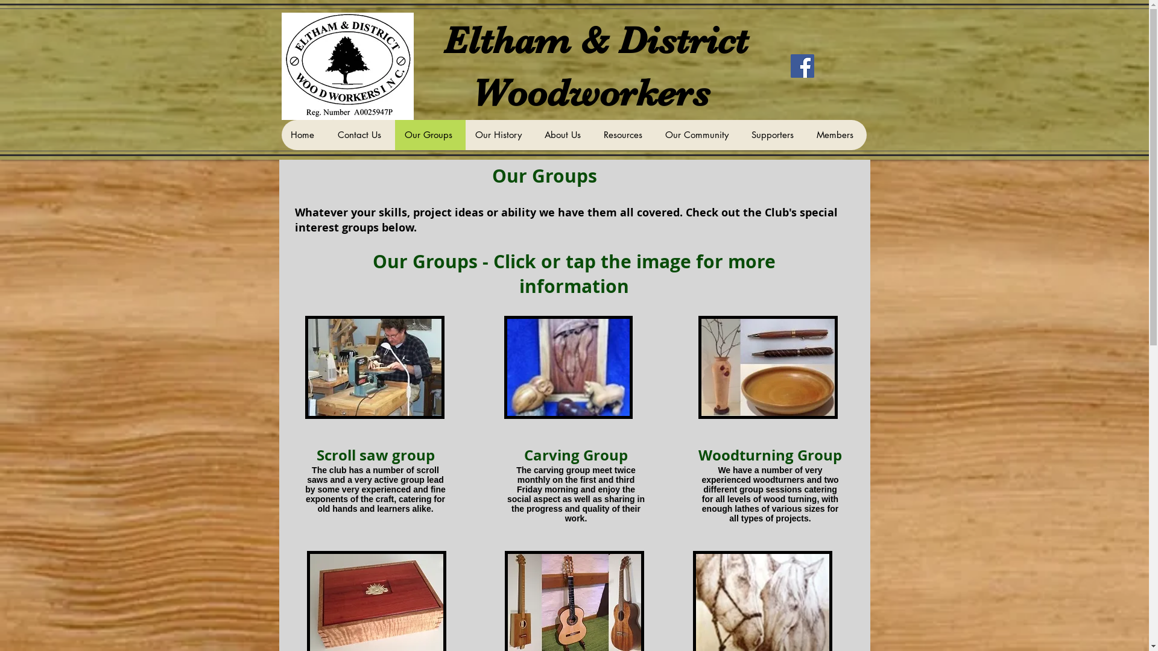 The width and height of the screenshot is (1158, 651). I want to click on 'Contact Us', so click(361, 134).